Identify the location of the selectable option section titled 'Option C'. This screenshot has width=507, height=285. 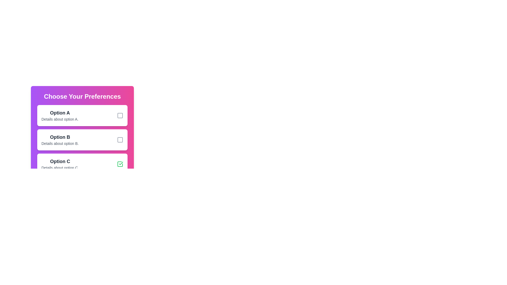
(82, 164).